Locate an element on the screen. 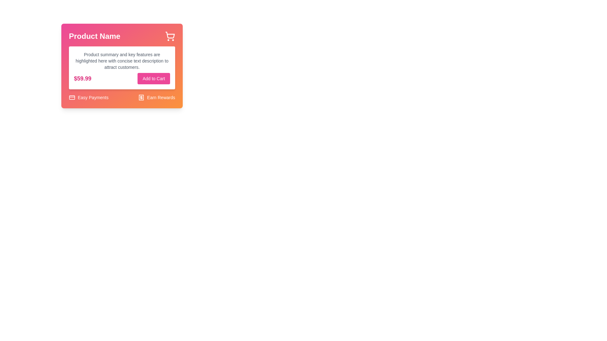  the shopping icon located in the top-right corner of the 'Product Name' card, which serves as a shortcut for shopping functionality is located at coordinates (170, 36).